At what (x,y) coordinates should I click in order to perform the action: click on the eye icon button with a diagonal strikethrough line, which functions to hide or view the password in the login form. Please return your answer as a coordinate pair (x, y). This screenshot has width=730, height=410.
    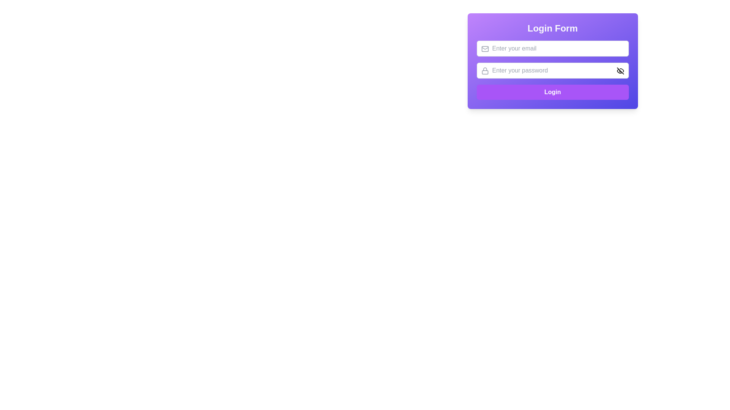
    Looking at the image, I should click on (620, 71).